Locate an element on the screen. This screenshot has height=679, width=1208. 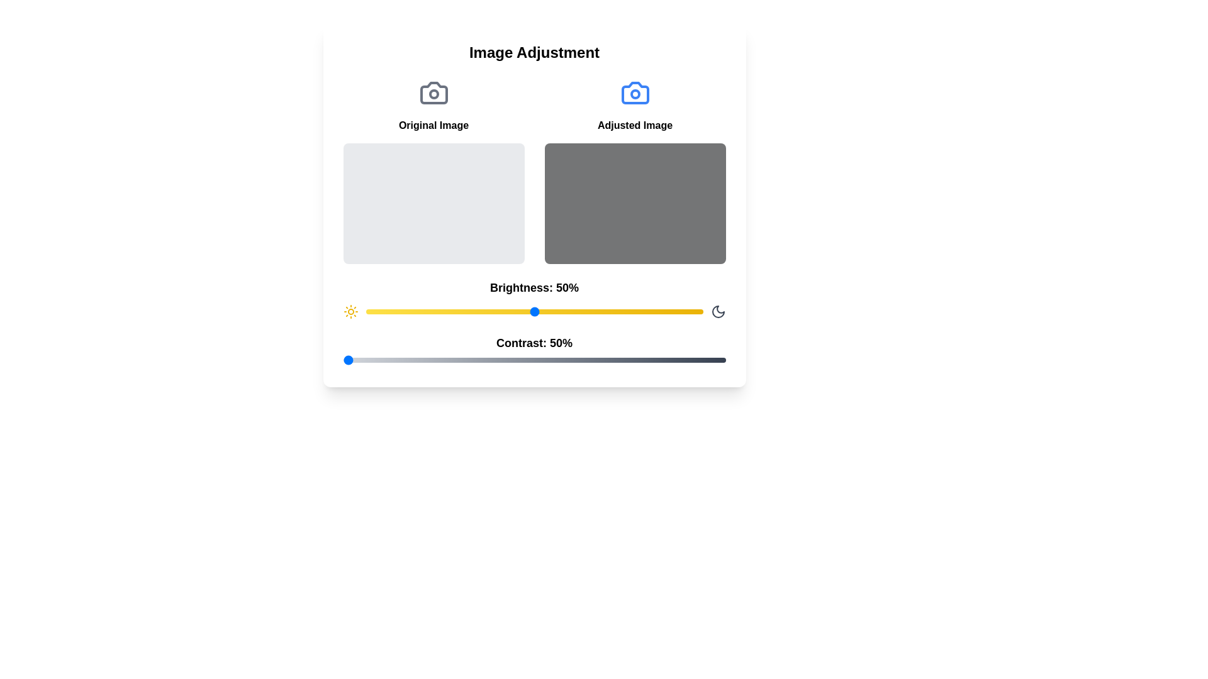
the brightness is located at coordinates (655, 311).